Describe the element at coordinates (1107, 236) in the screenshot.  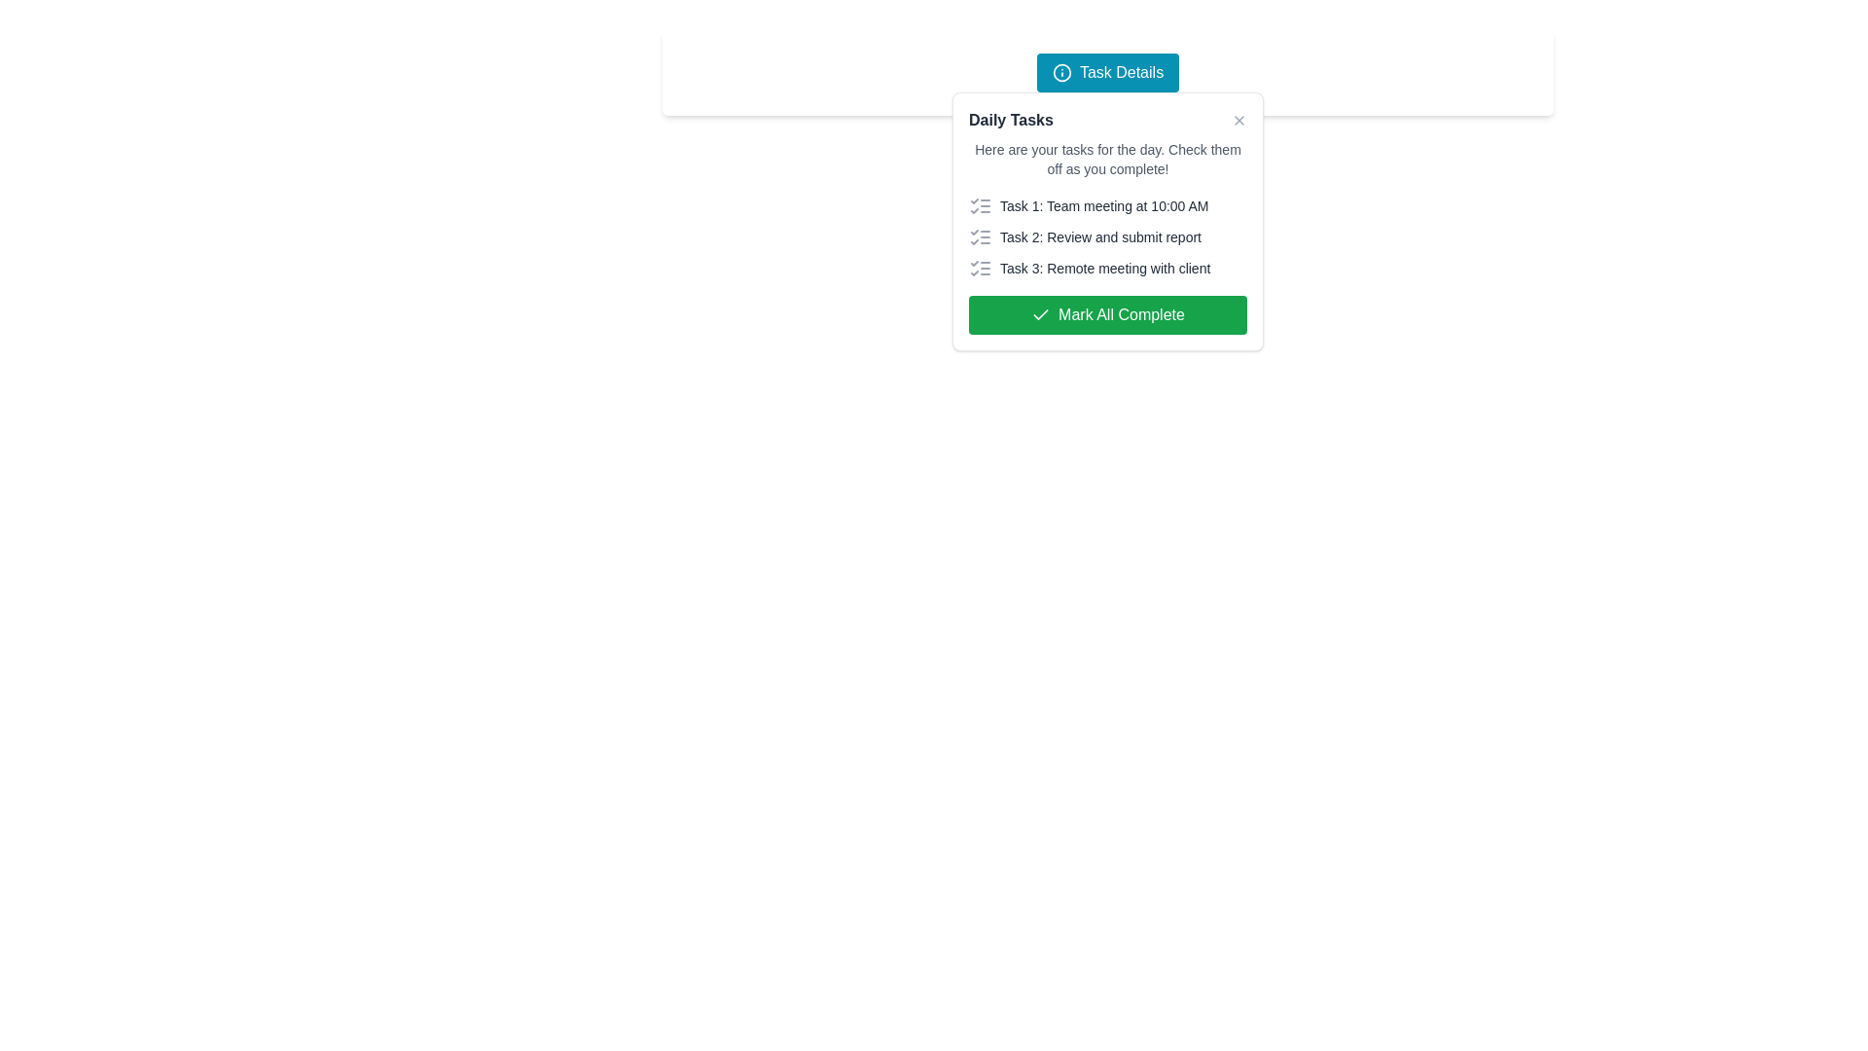
I see `textual content of the tasks displayed in the 'Daily Tasks' list, which is centrally aligned within the card layout` at that location.